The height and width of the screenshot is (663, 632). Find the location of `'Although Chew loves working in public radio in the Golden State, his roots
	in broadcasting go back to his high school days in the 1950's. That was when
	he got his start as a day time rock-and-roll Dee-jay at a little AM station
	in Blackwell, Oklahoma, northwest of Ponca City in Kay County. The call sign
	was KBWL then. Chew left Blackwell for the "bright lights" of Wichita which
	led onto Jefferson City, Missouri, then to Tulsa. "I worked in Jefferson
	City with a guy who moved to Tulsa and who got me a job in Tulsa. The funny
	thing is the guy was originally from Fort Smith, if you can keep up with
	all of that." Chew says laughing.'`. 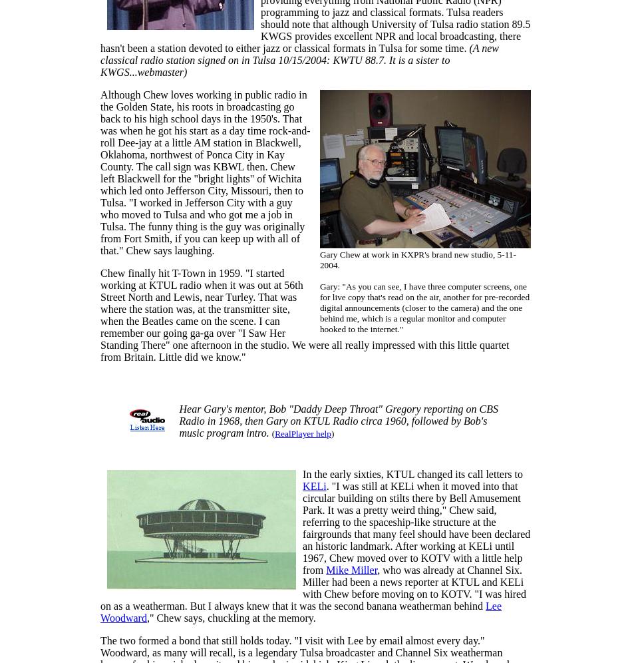

'Although Chew loves working in public radio in the Golden State, his roots
	in broadcasting go back to his high school days in the 1950's. That was when
	he got his start as a day time rock-and-roll Dee-jay at a little AM station
	in Blackwell, Oklahoma, northwest of Ponca City in Kay County. The call sign
	was KBWL then. Chew left Blackwell for the "bright lights" of Wichita which
	led onto Jefferson City, Missouri, then to Tulsa. "I worked in Jefferson
	City with a guy who moved to Tulsa and who got me a job in Tulsa. The funny
	thing is the guy was originally from Fort Smith, if you can keep up with
	all of that." Chew says laughing.' is located at coordinates (100, 172).